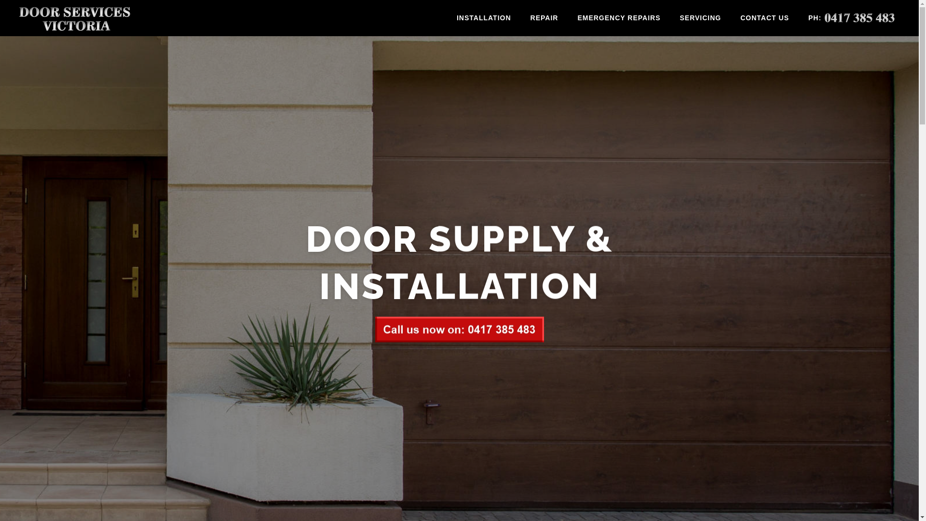  What do you see at coordinates (700, 18) in the screenshot?
I see `'SERVICING'` at bounding box center [700, 18].